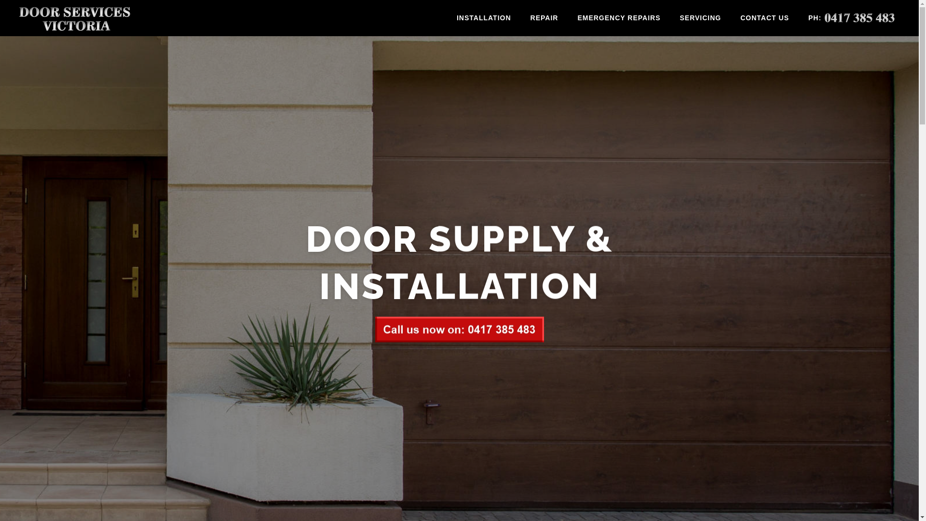  What do you see at coordinates (700, 18) in the screenshot?
I see `'SERVICING'` at bounding box center [700, 18].